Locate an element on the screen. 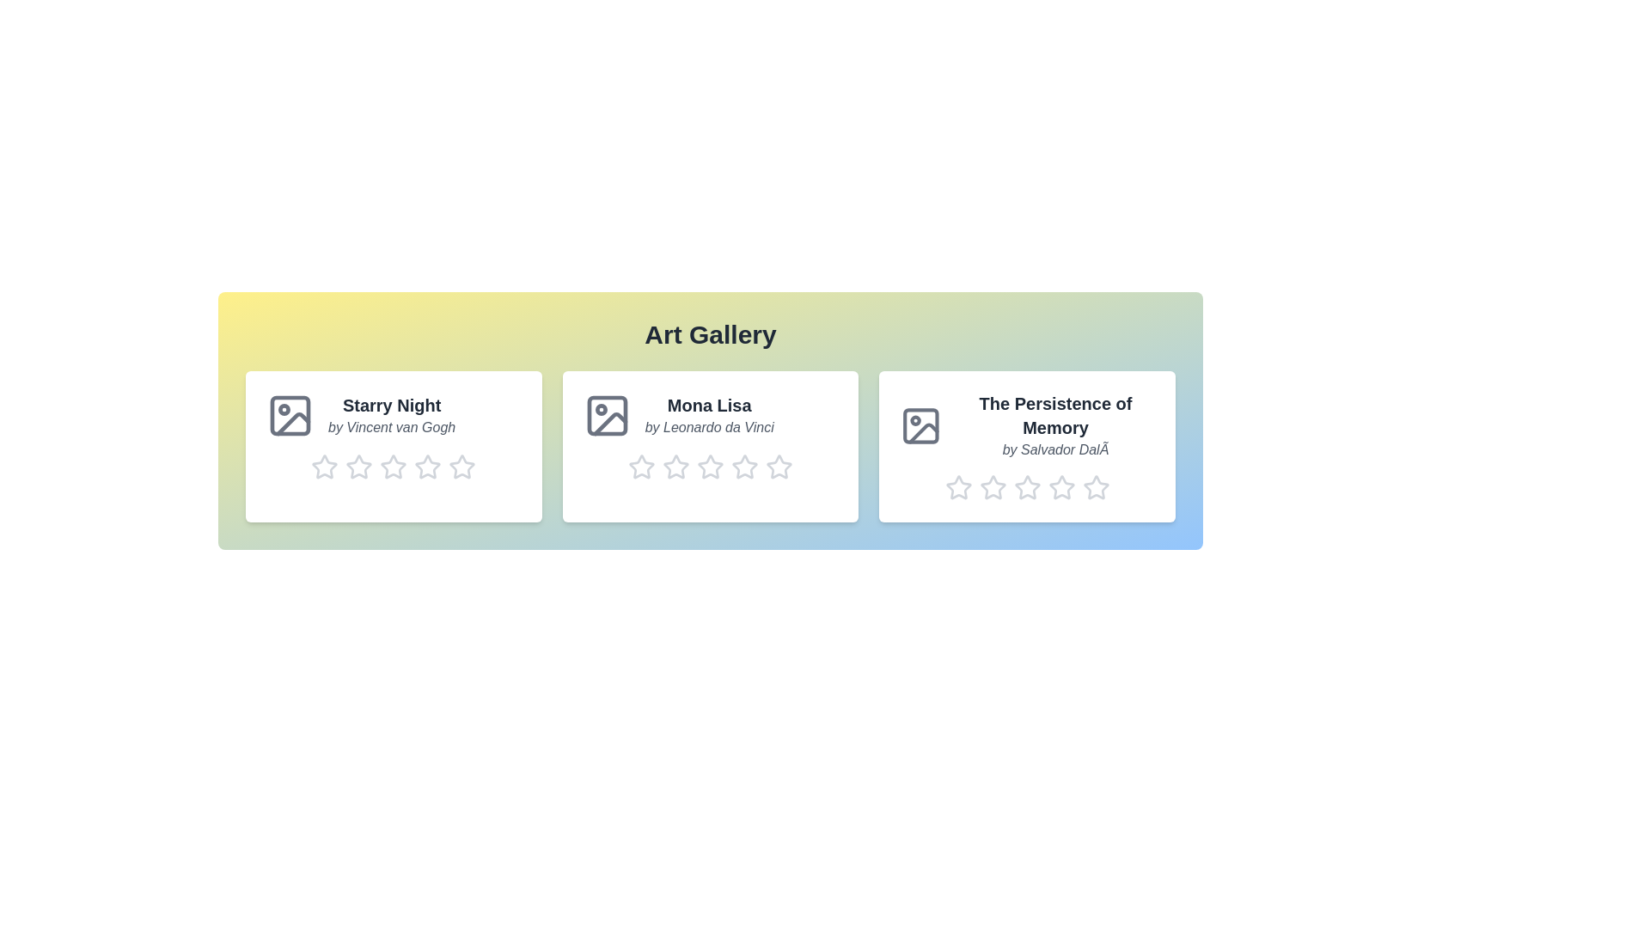 Image resolution: width=1650 pixels, height=928 pixels. the rating of artwork 3 to 3 stars is located at coordinates (1014, 487).